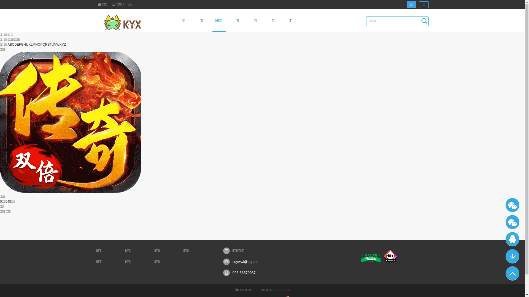 Image resolution: width=529 pixels, height=297 pixels. What do you see at coordinates (47, 44) in the screenshot?
I see `'S'` at bounding box center [47, 44].